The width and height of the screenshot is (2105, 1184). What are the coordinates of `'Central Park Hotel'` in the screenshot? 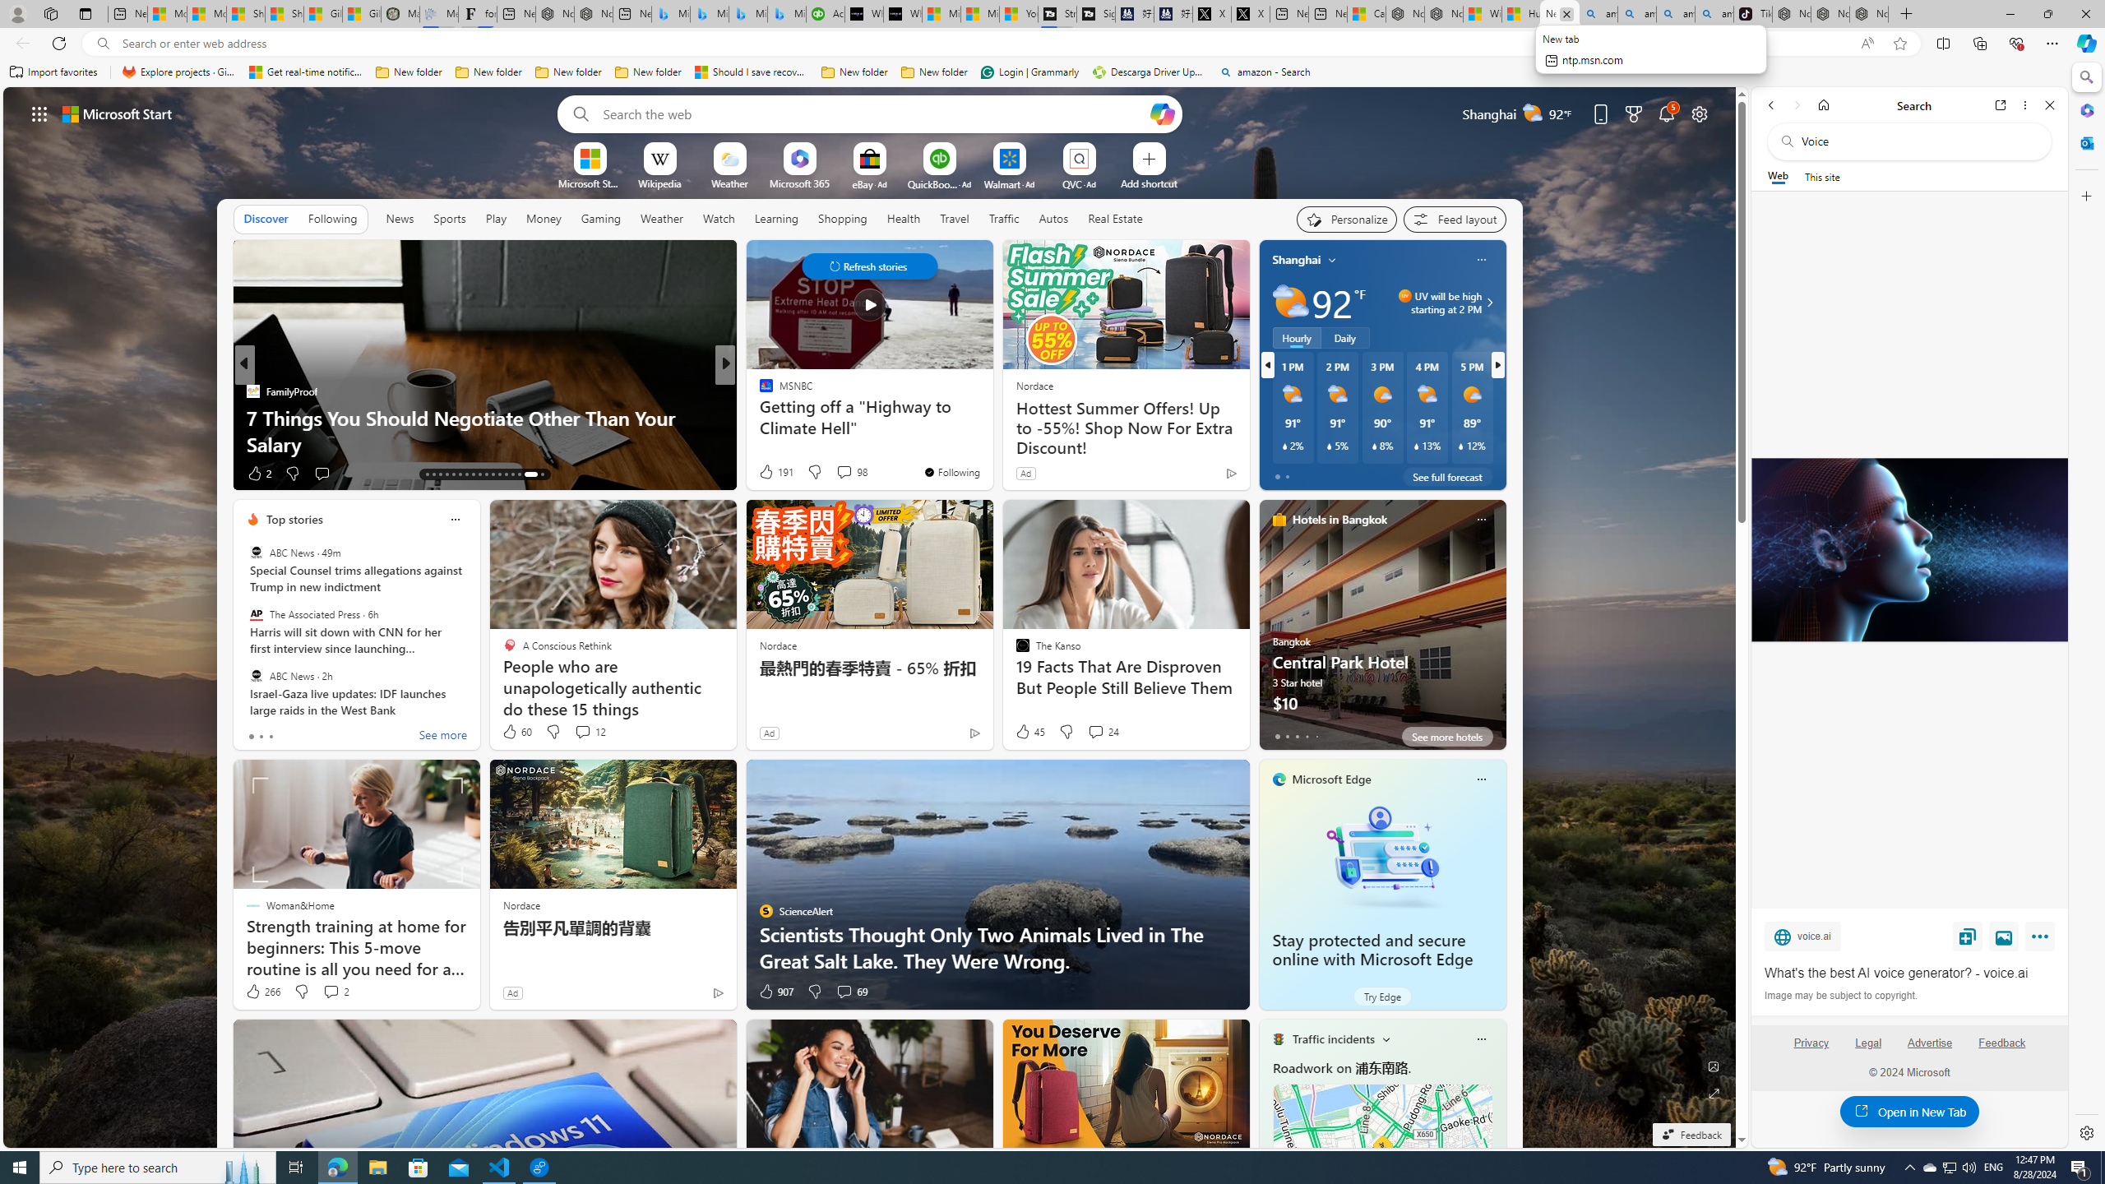 It's located at (1381, 631).